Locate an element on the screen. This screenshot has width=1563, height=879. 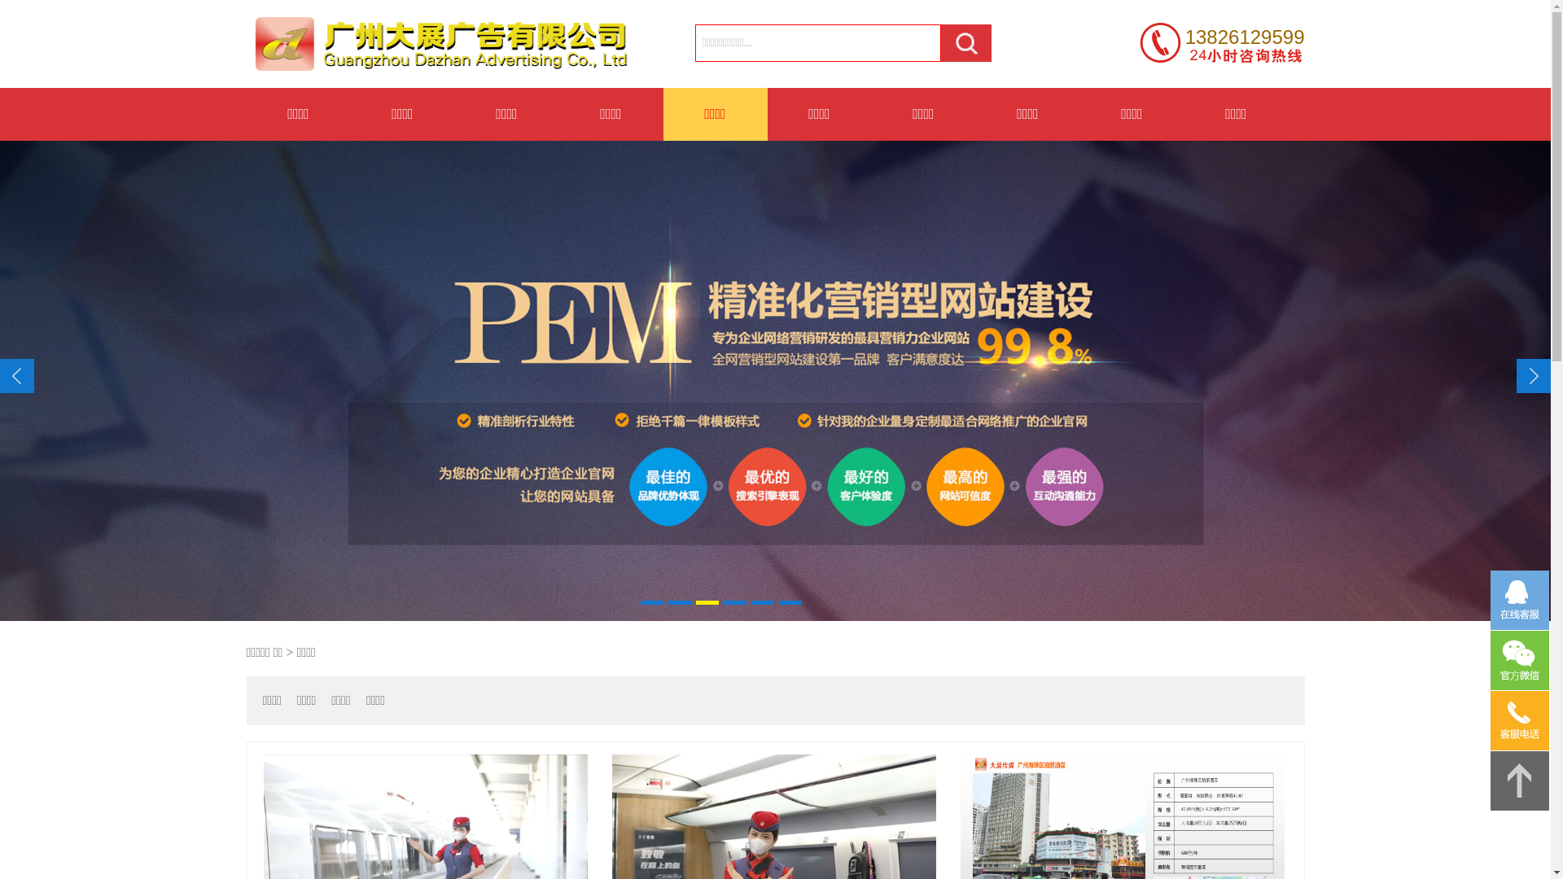
'4' is located at coordinates (733, 602).